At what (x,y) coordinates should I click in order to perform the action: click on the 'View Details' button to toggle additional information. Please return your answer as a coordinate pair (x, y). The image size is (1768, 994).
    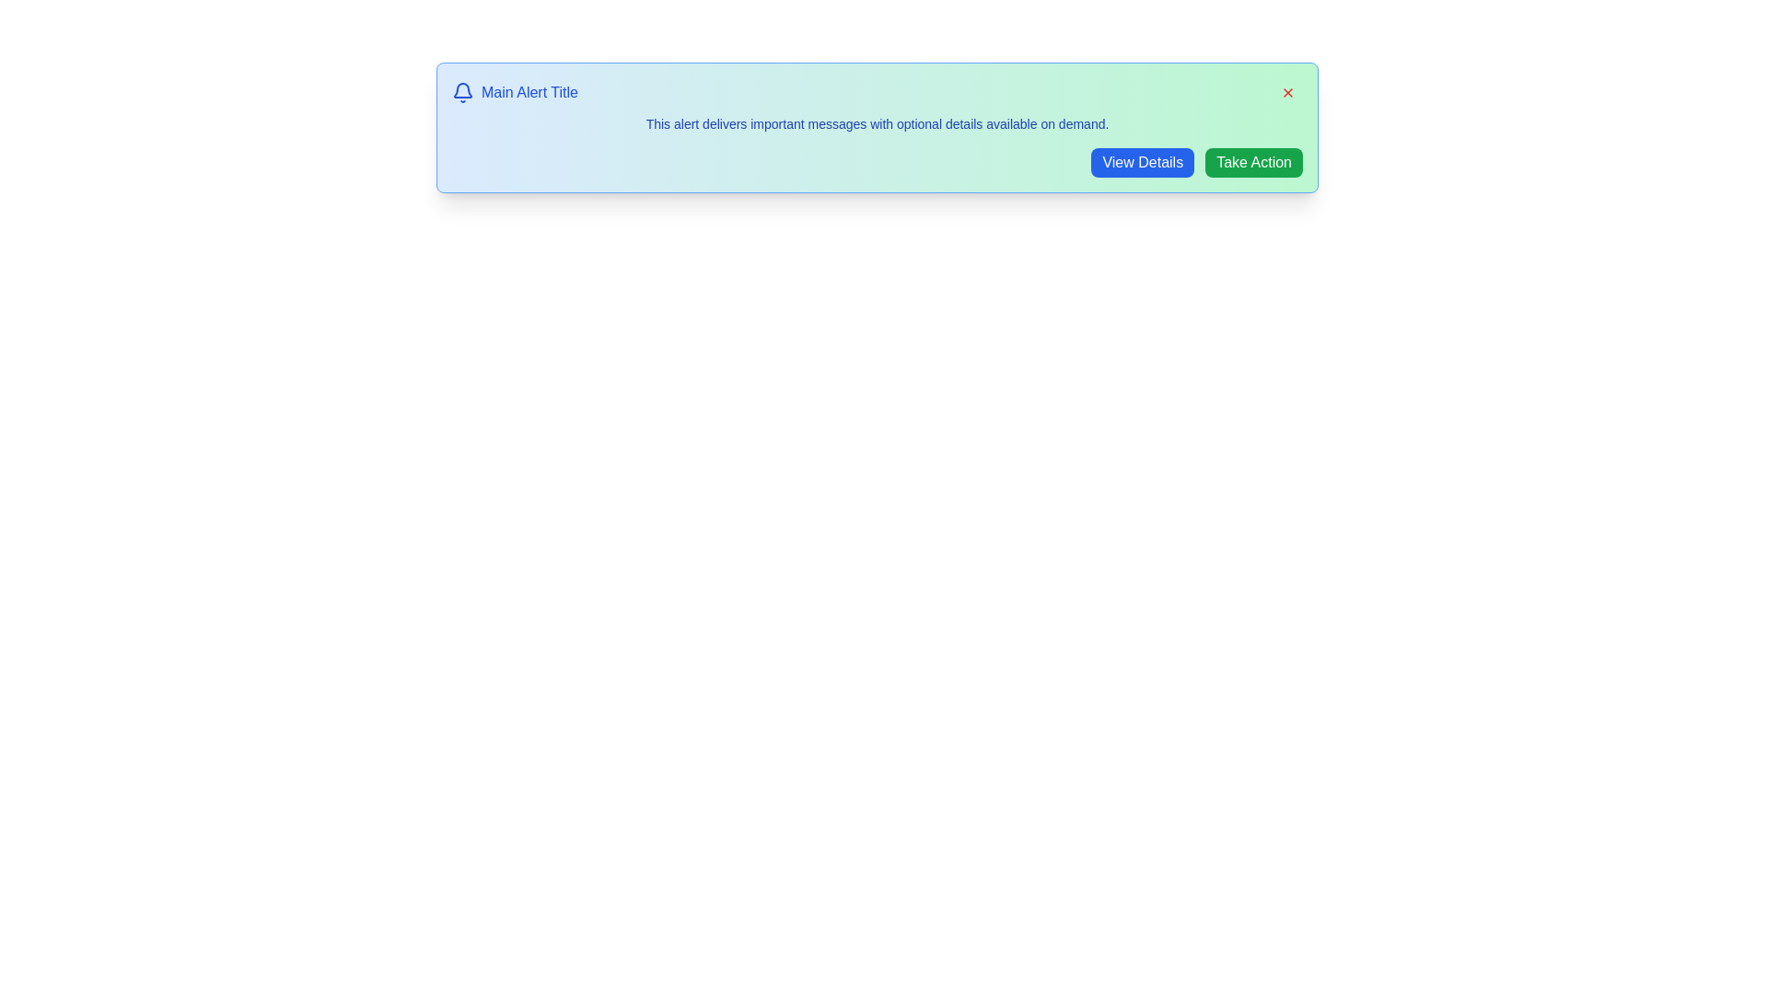
    Looking at the image, I should click on (1142, 162).